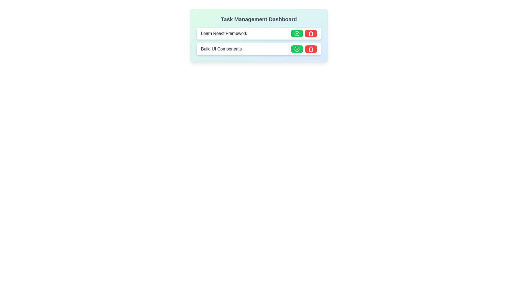  Describe the element at coordinates (311, 33) in the screenshot. I see `the small rectangular button with a red background and a white trash bin icon, located to the far-right of the second row of task entries, directly after the green 'check' button` at that location.